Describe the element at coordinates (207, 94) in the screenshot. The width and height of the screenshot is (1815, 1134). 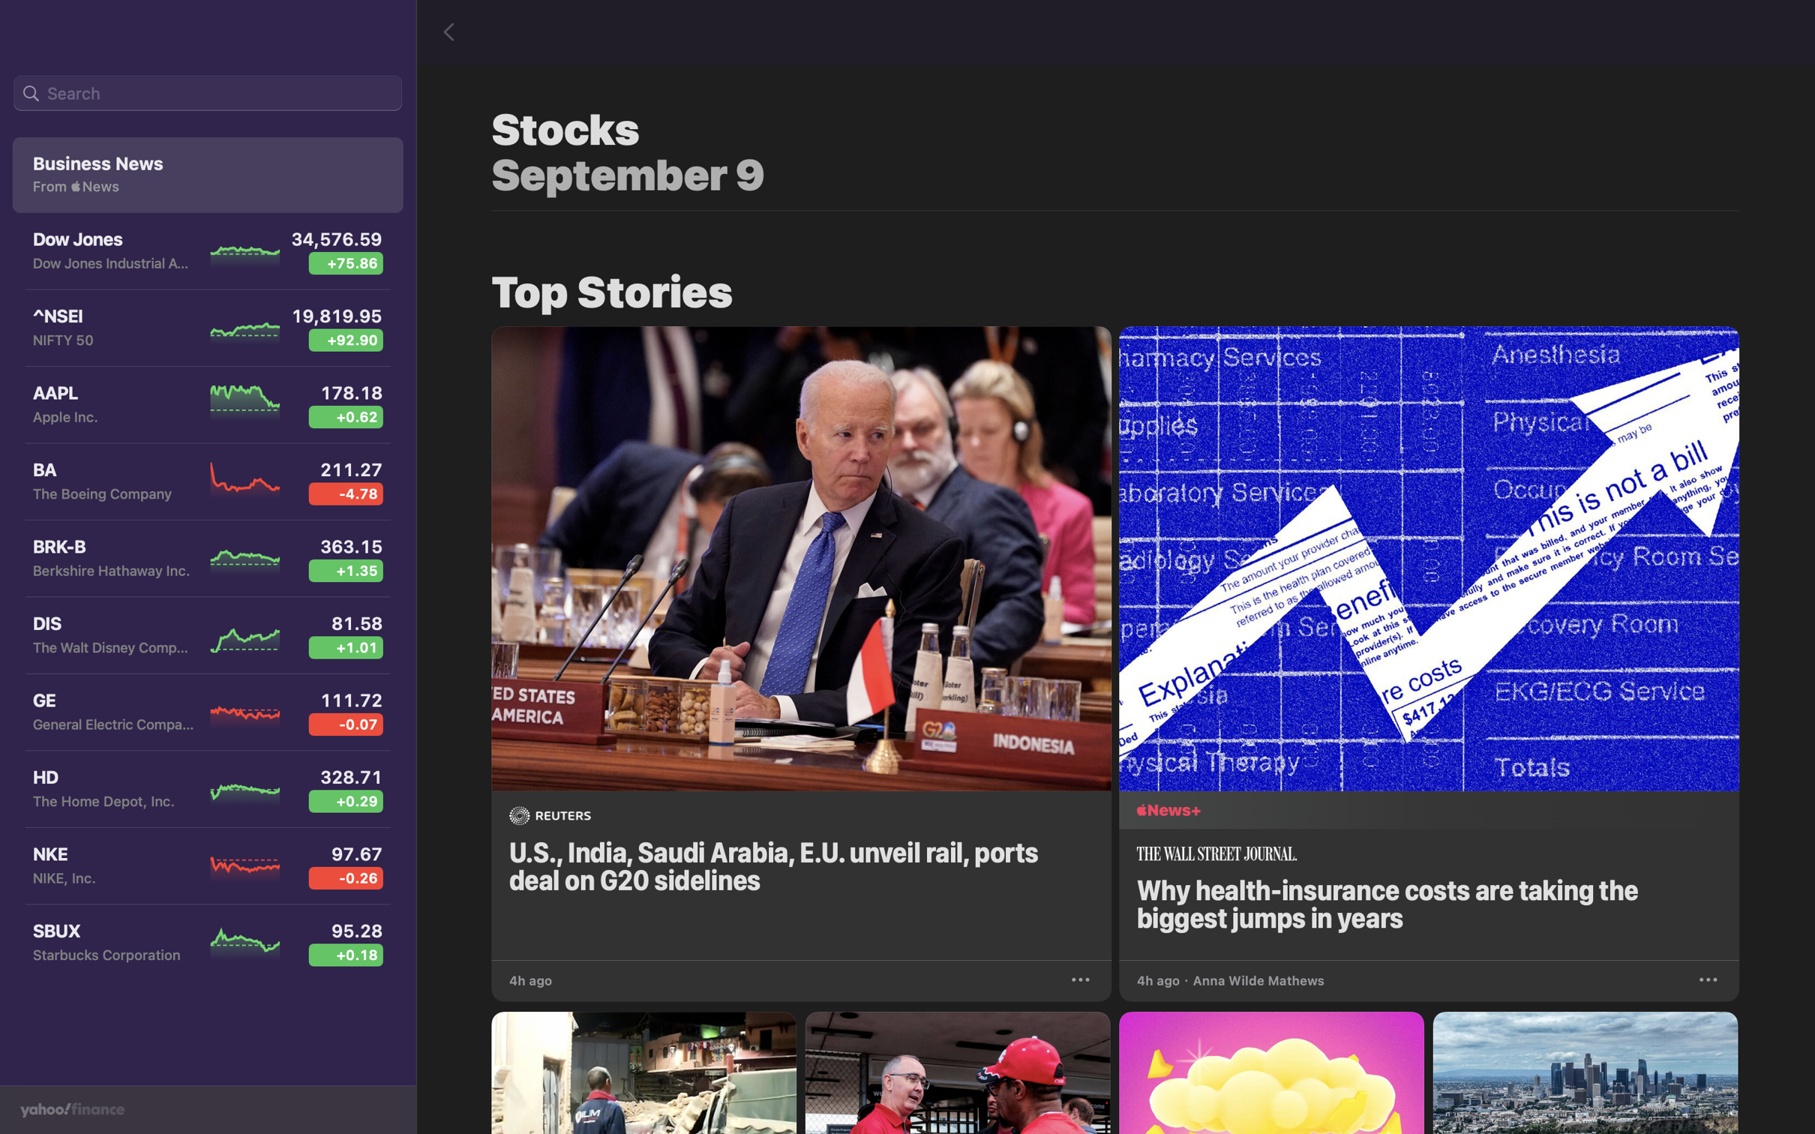
I see `the stock listed under "Adobe" using the search bar on the top left` at that location.